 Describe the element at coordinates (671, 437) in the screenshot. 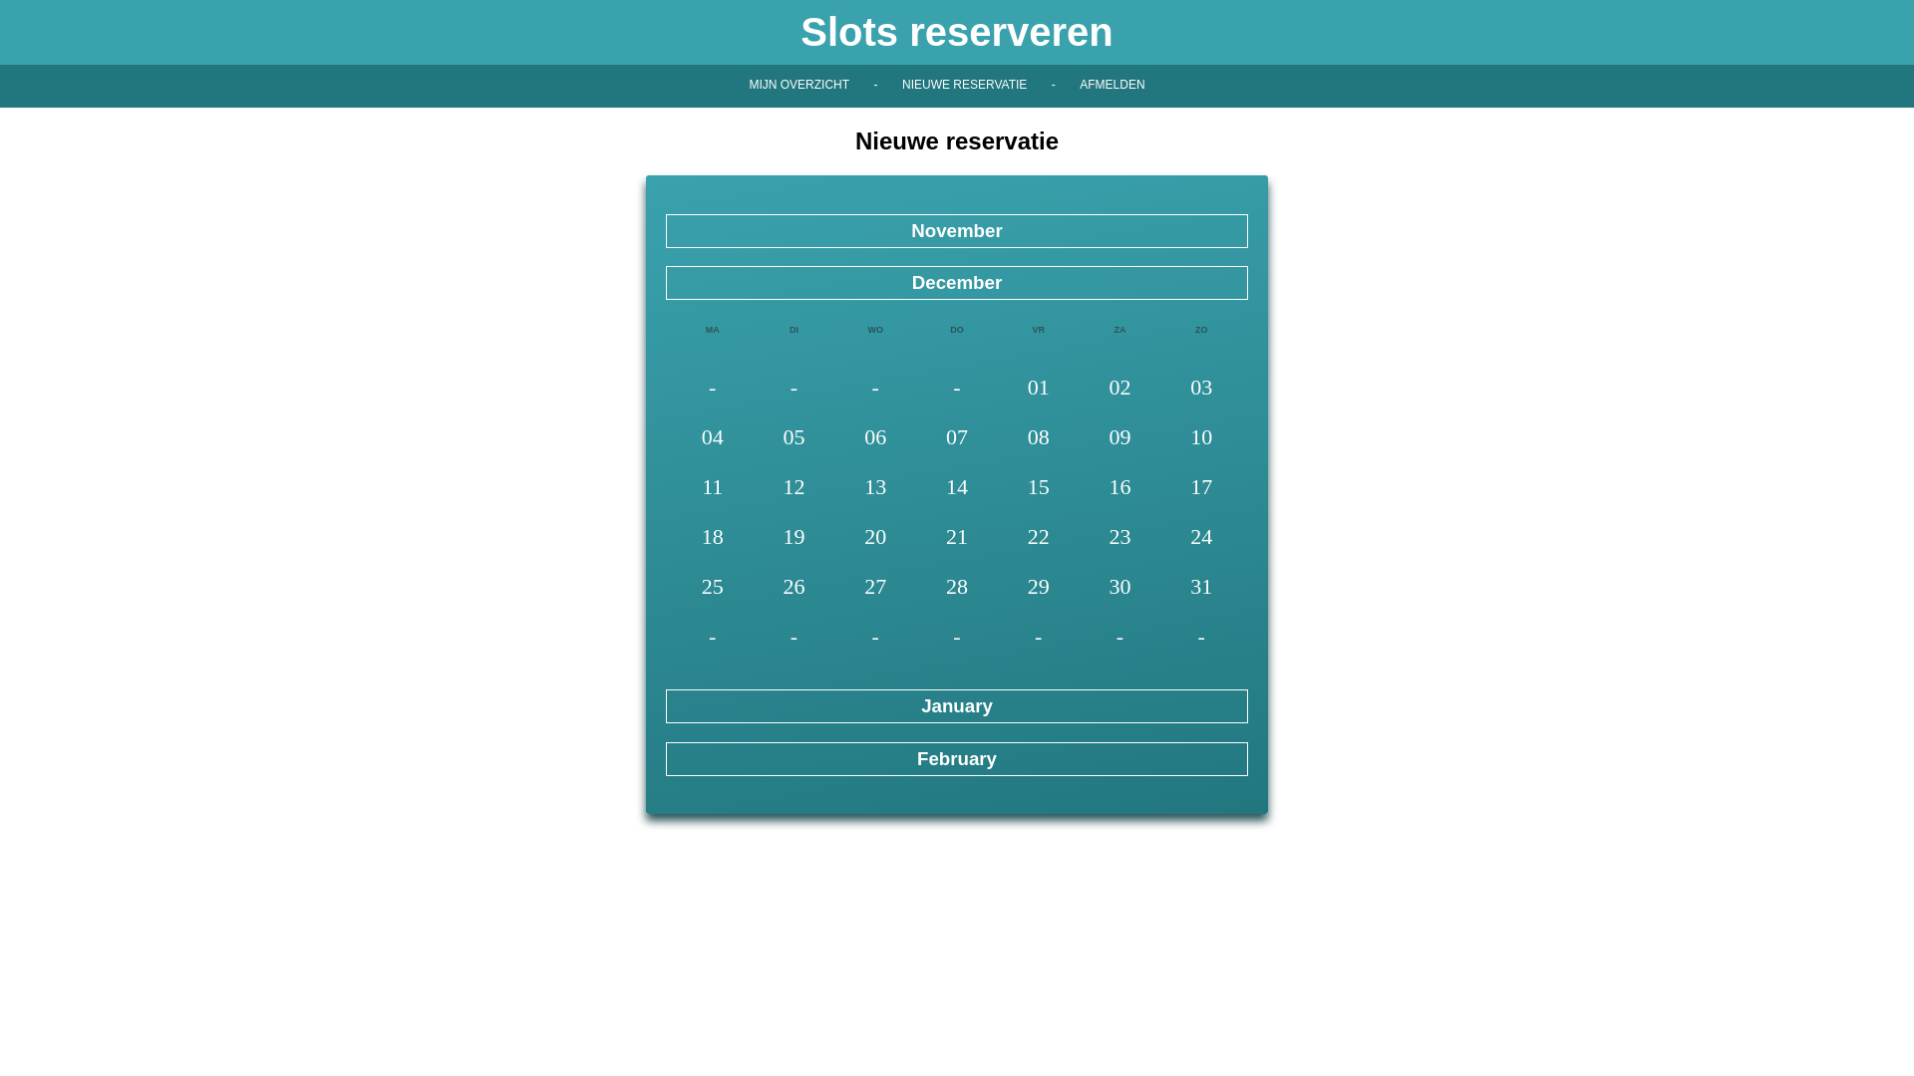

I see `'04'` at that location.